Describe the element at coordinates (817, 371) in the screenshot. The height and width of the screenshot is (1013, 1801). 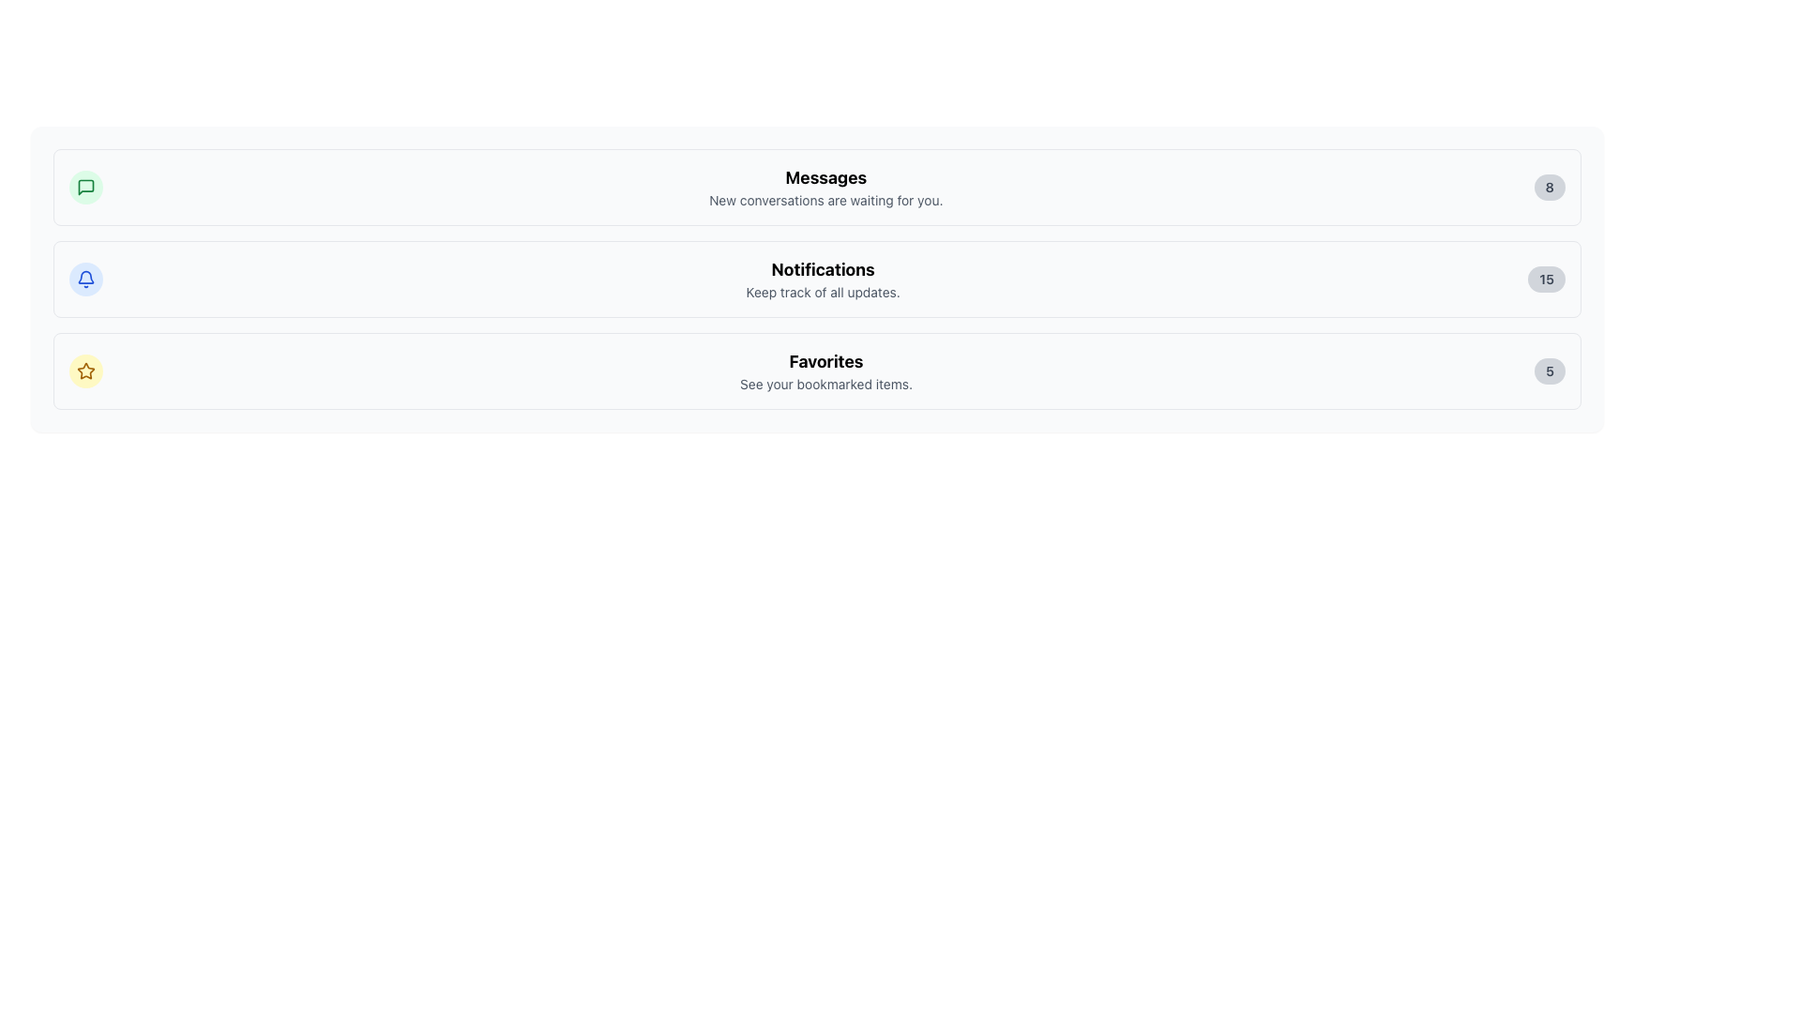
I see `the Favorites card element, which features a yellow star icon on the left, a bolded title 'Favorites', and a numeric indicator '5' in a gray circle` at that location.